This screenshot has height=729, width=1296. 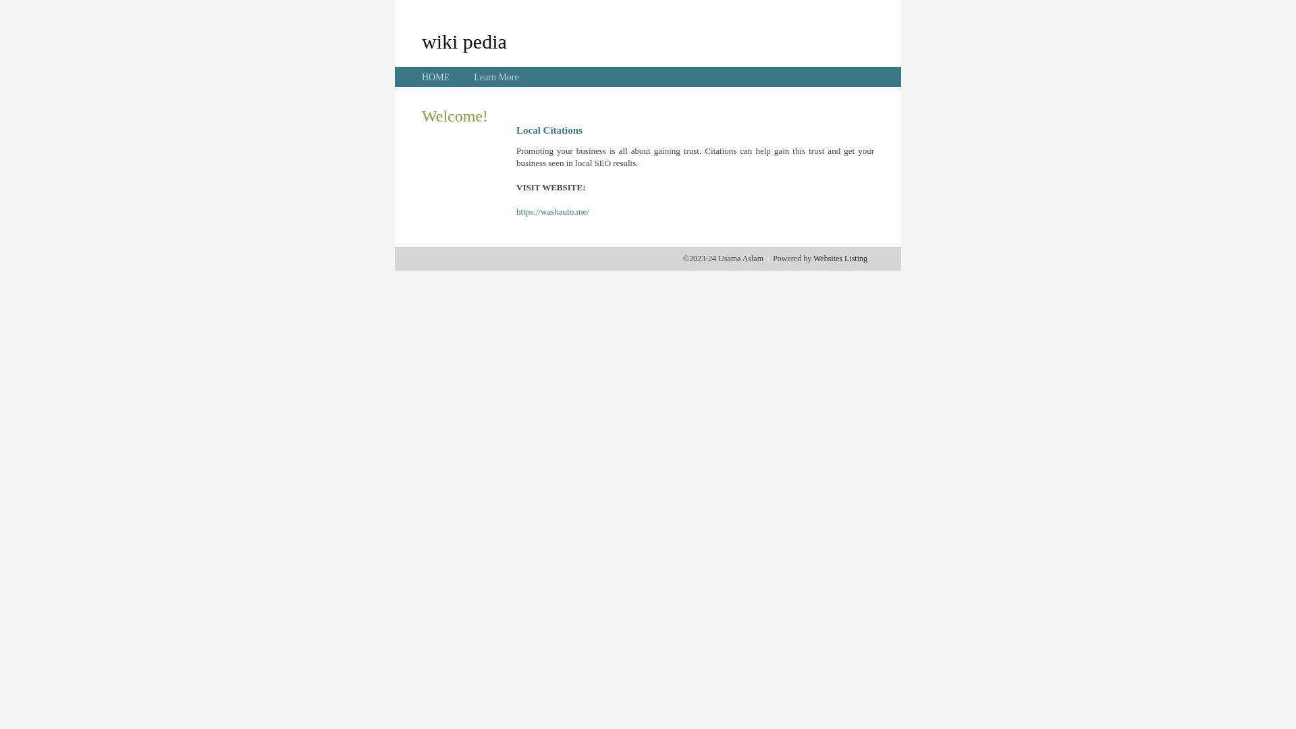 I want to click on 'HOME', so click(x=421, y=77).